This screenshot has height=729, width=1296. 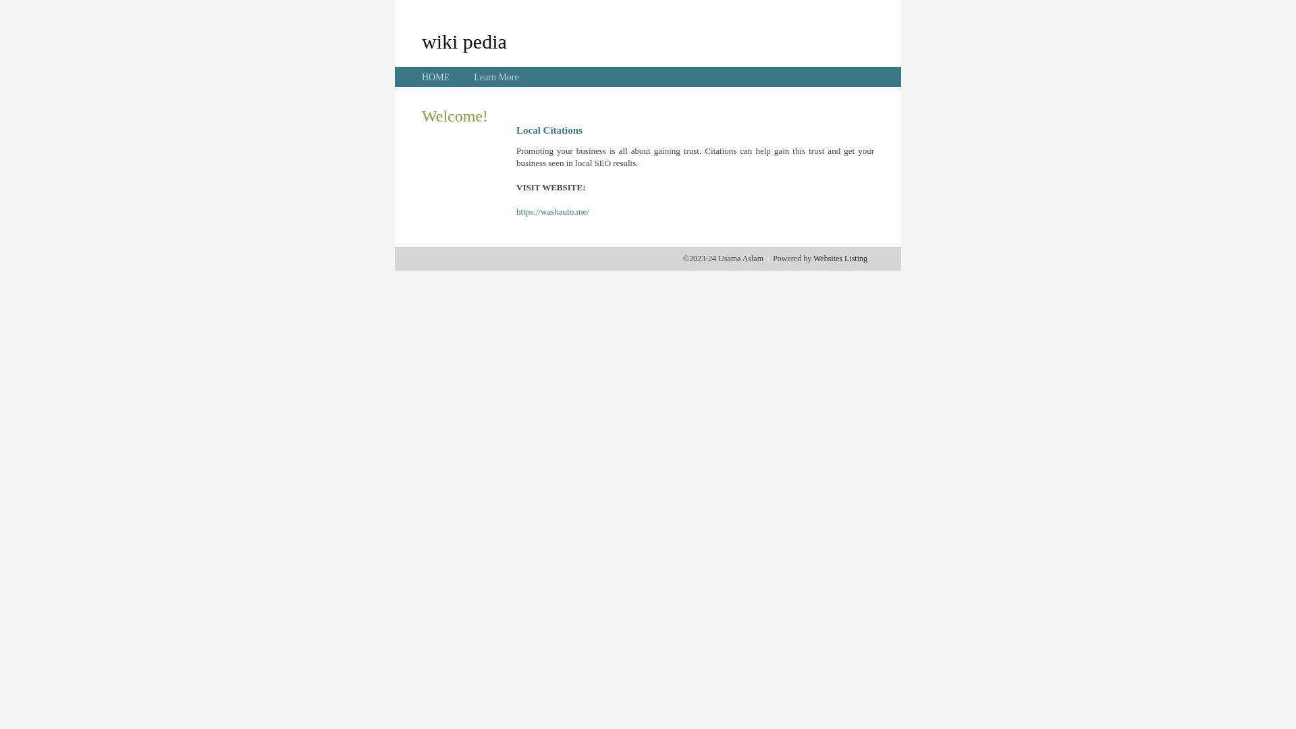 I want to click on 'HOME', so click(x=421, y=77).